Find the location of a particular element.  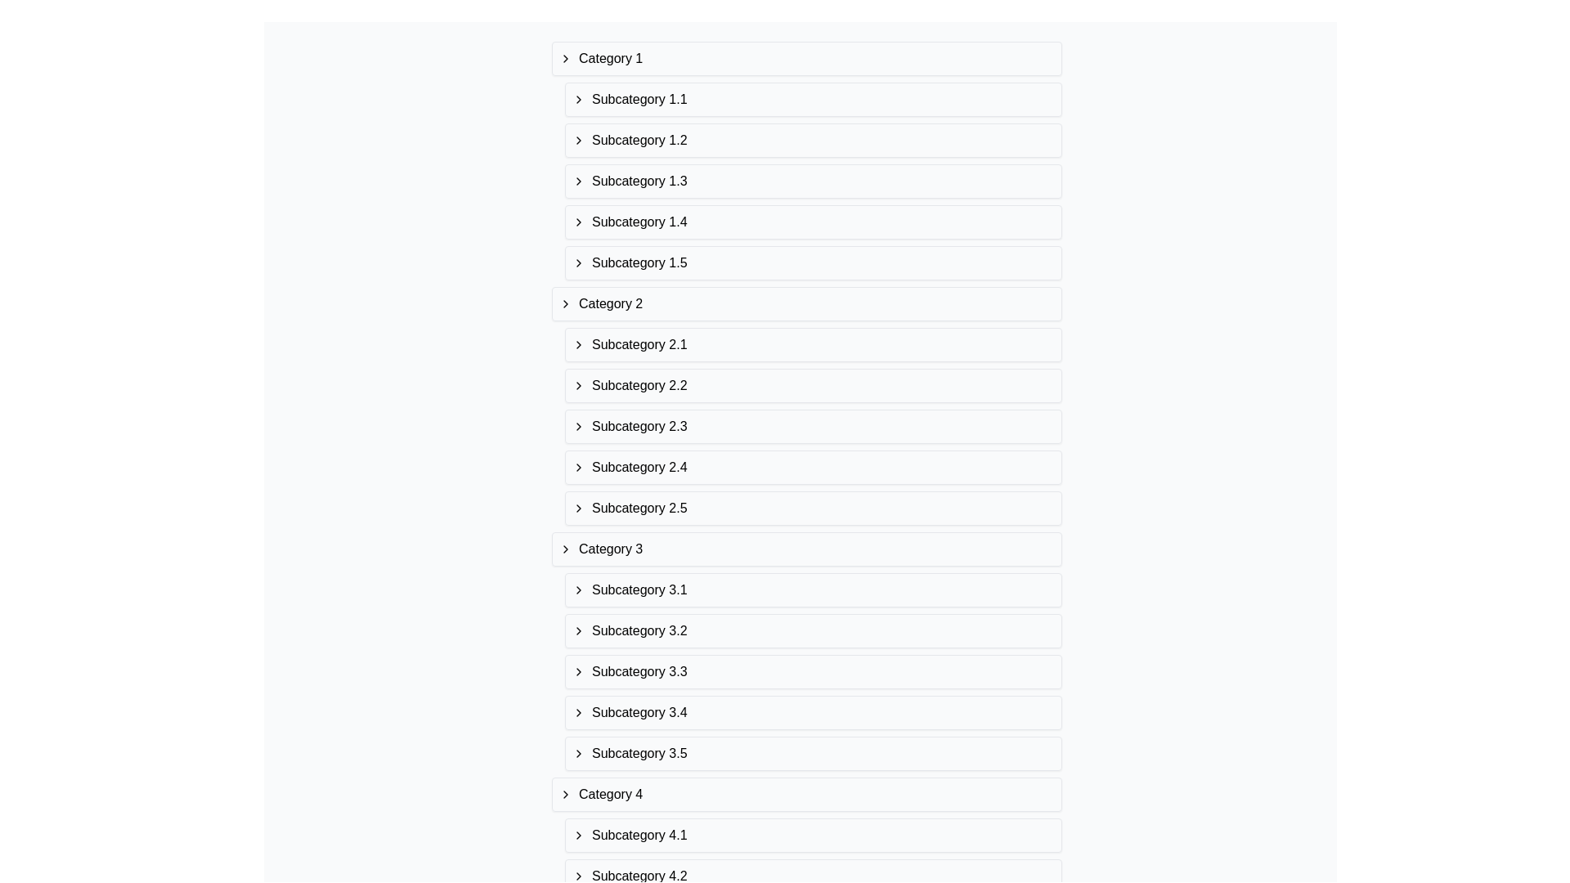

the third entry ('Subcategory 2.3') in the hierarchical menu list, positioned between 'Subcategory 2.2' and 'Subcategory 2.4' is located at coordinates (813, 425).